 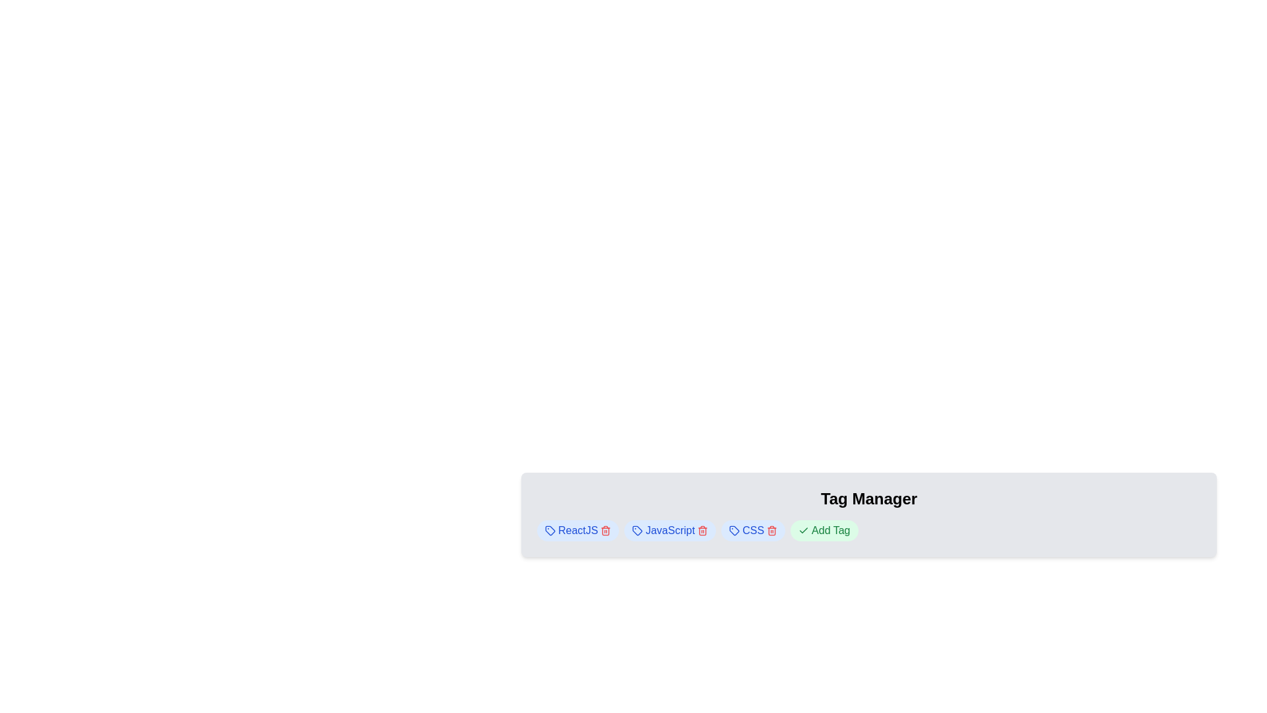 I want to click on the modern tag icon styled with a thin stroke and rounded edges, located to the left of the 'ReactJS' text label within a light blue rounded rectangular button, so click(x=550, y=529).